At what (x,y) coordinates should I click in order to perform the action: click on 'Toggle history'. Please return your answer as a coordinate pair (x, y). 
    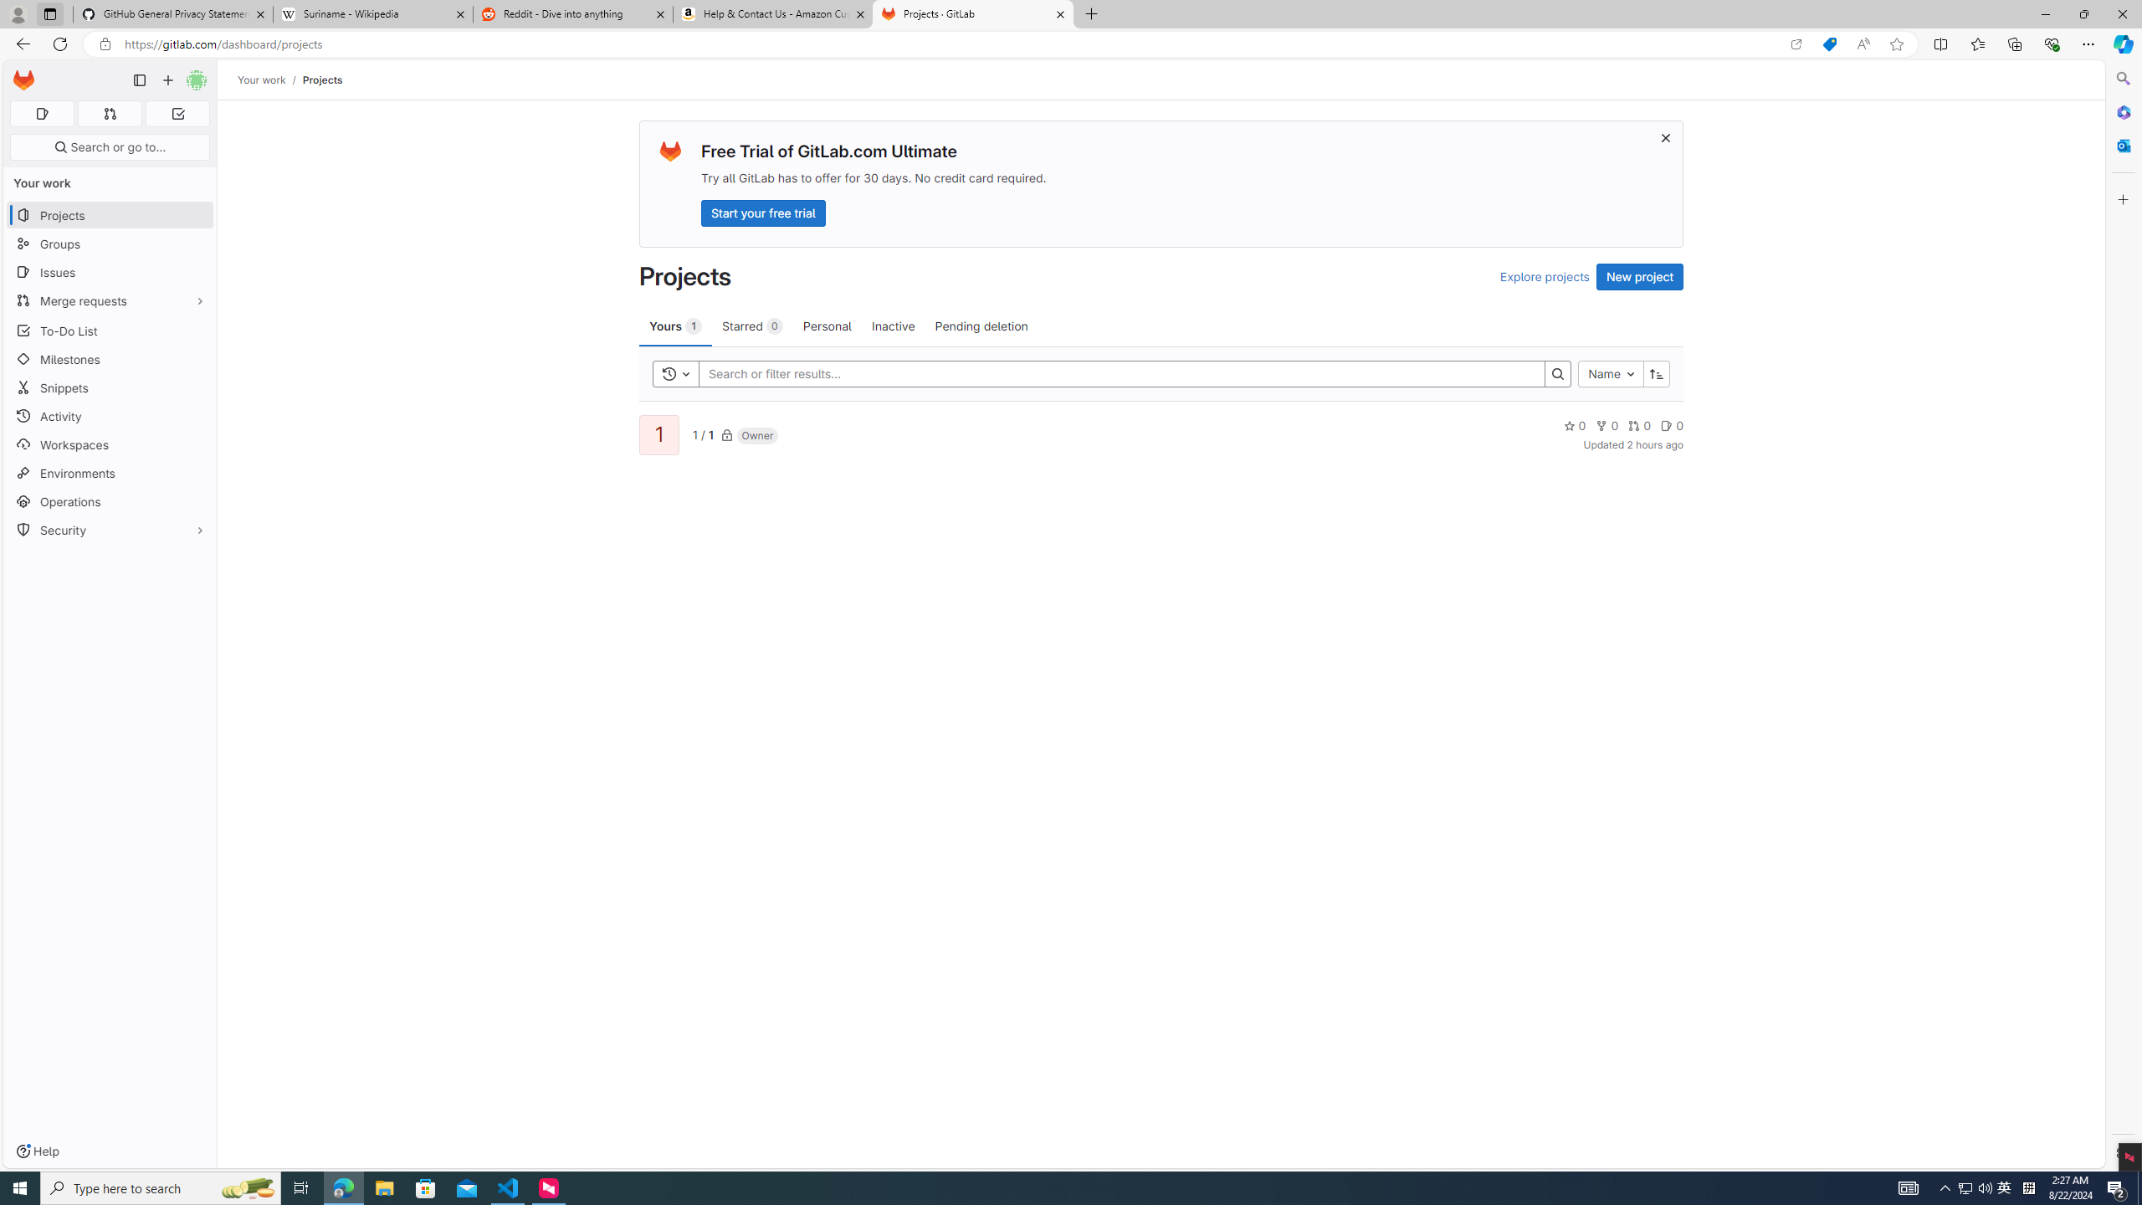
    Looking at the image, I should click on (675, 374).